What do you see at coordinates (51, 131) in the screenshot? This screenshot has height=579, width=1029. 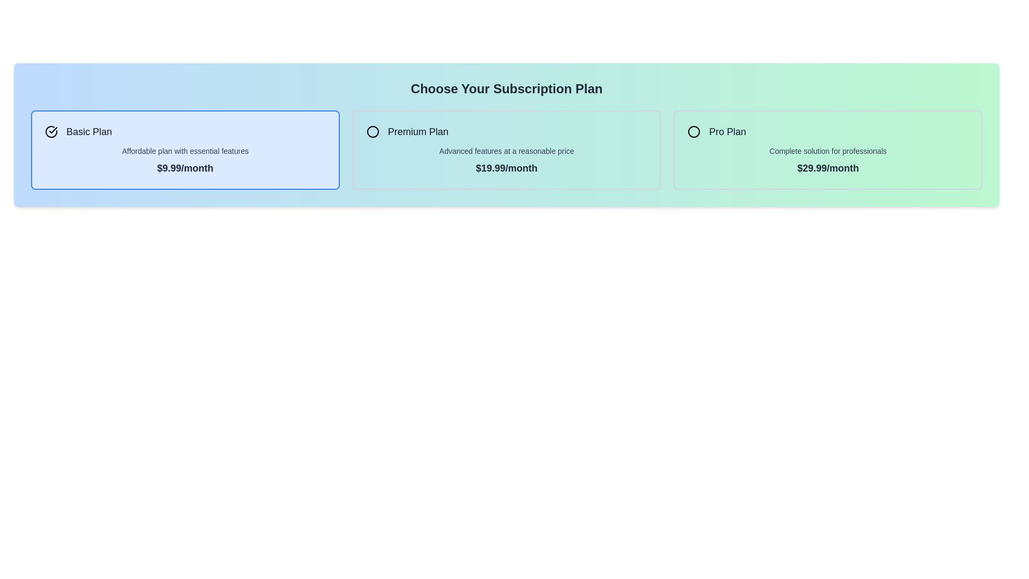 I see `the Checkmark Icon associated with the 'Basic Plan' selection, located to the left of the 'Basic Plan' text` at bounding box center [51, 131].